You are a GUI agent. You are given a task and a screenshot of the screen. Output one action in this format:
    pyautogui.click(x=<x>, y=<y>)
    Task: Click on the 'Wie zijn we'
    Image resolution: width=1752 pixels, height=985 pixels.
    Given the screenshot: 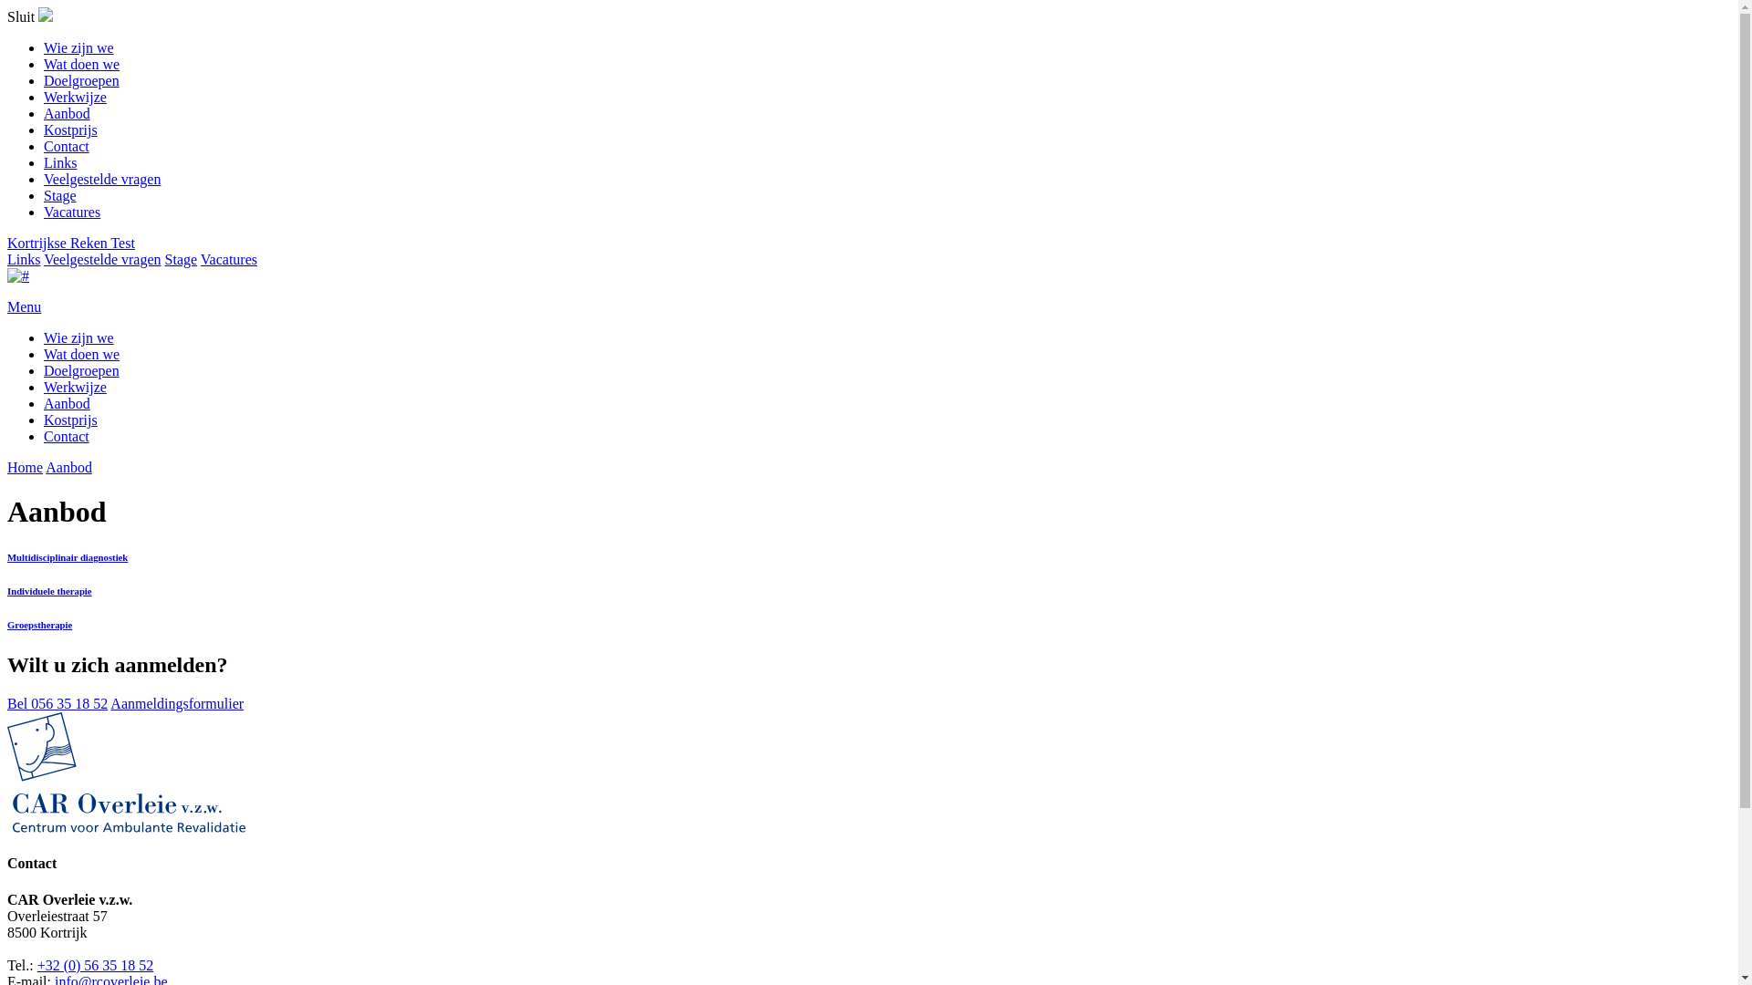 What is the action you would take?
    pyautogui.click(x=44, y=47)
    